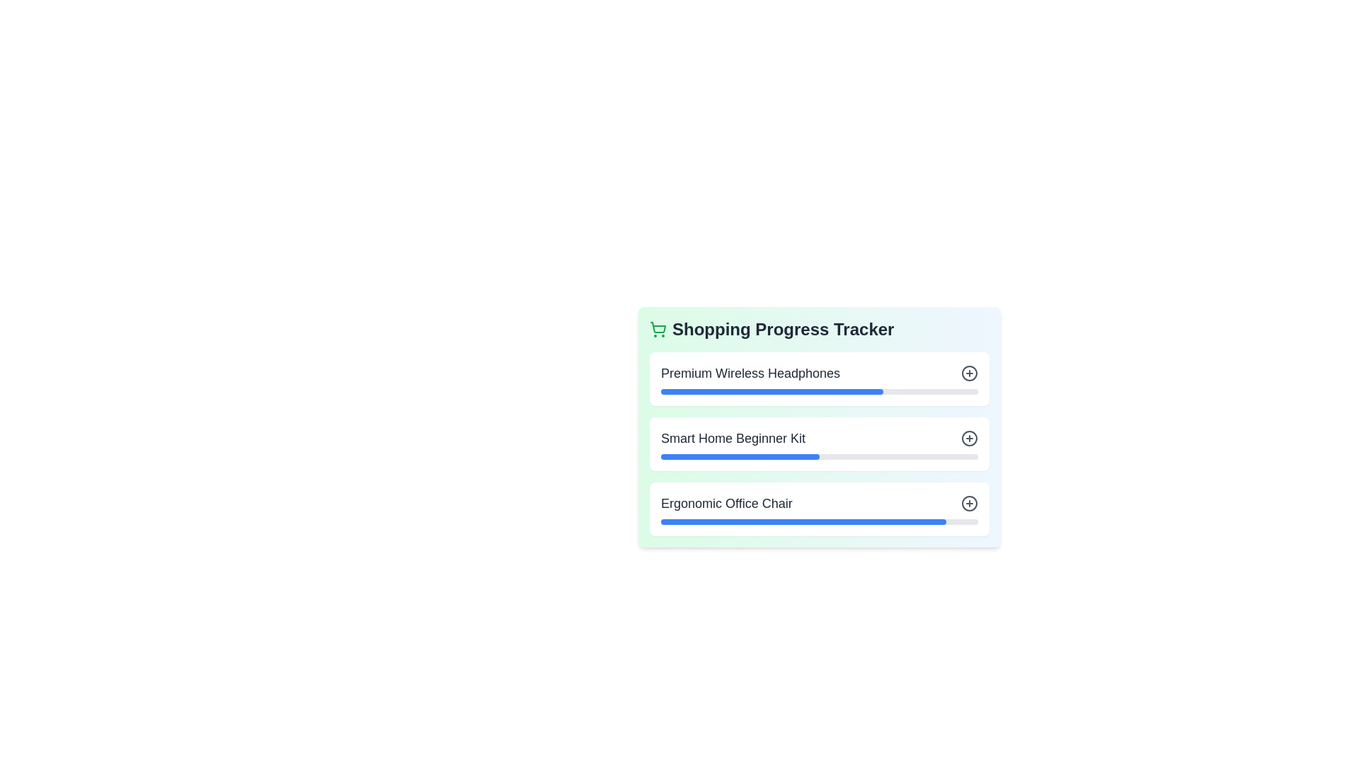  I want to click on the product name 'Premium Wireless Headphones' in the first row of the 'Shopping Progress Tracker' card, so click(819, 373).